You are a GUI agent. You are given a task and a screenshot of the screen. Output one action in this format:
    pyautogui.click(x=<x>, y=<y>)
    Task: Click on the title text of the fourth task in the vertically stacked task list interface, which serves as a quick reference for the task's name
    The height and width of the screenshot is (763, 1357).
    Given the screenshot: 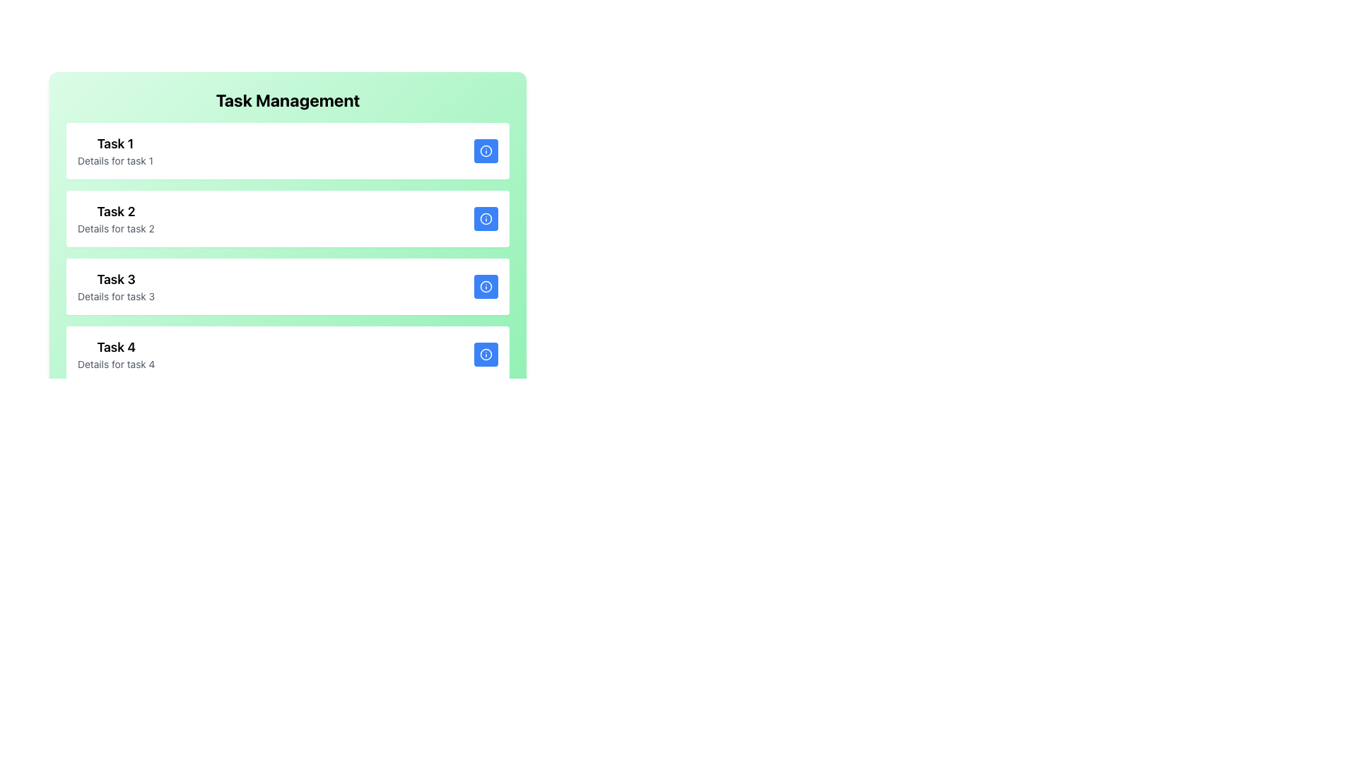 What is the action you would take?
    pyautogui.click(x=116, y=348)
    